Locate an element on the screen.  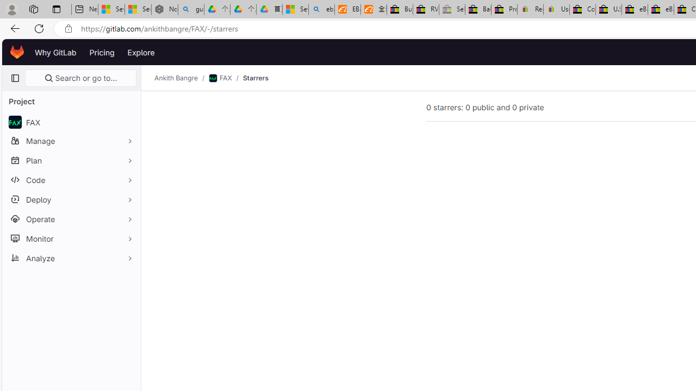
'Pricing' is located at coordinates (102, 52).